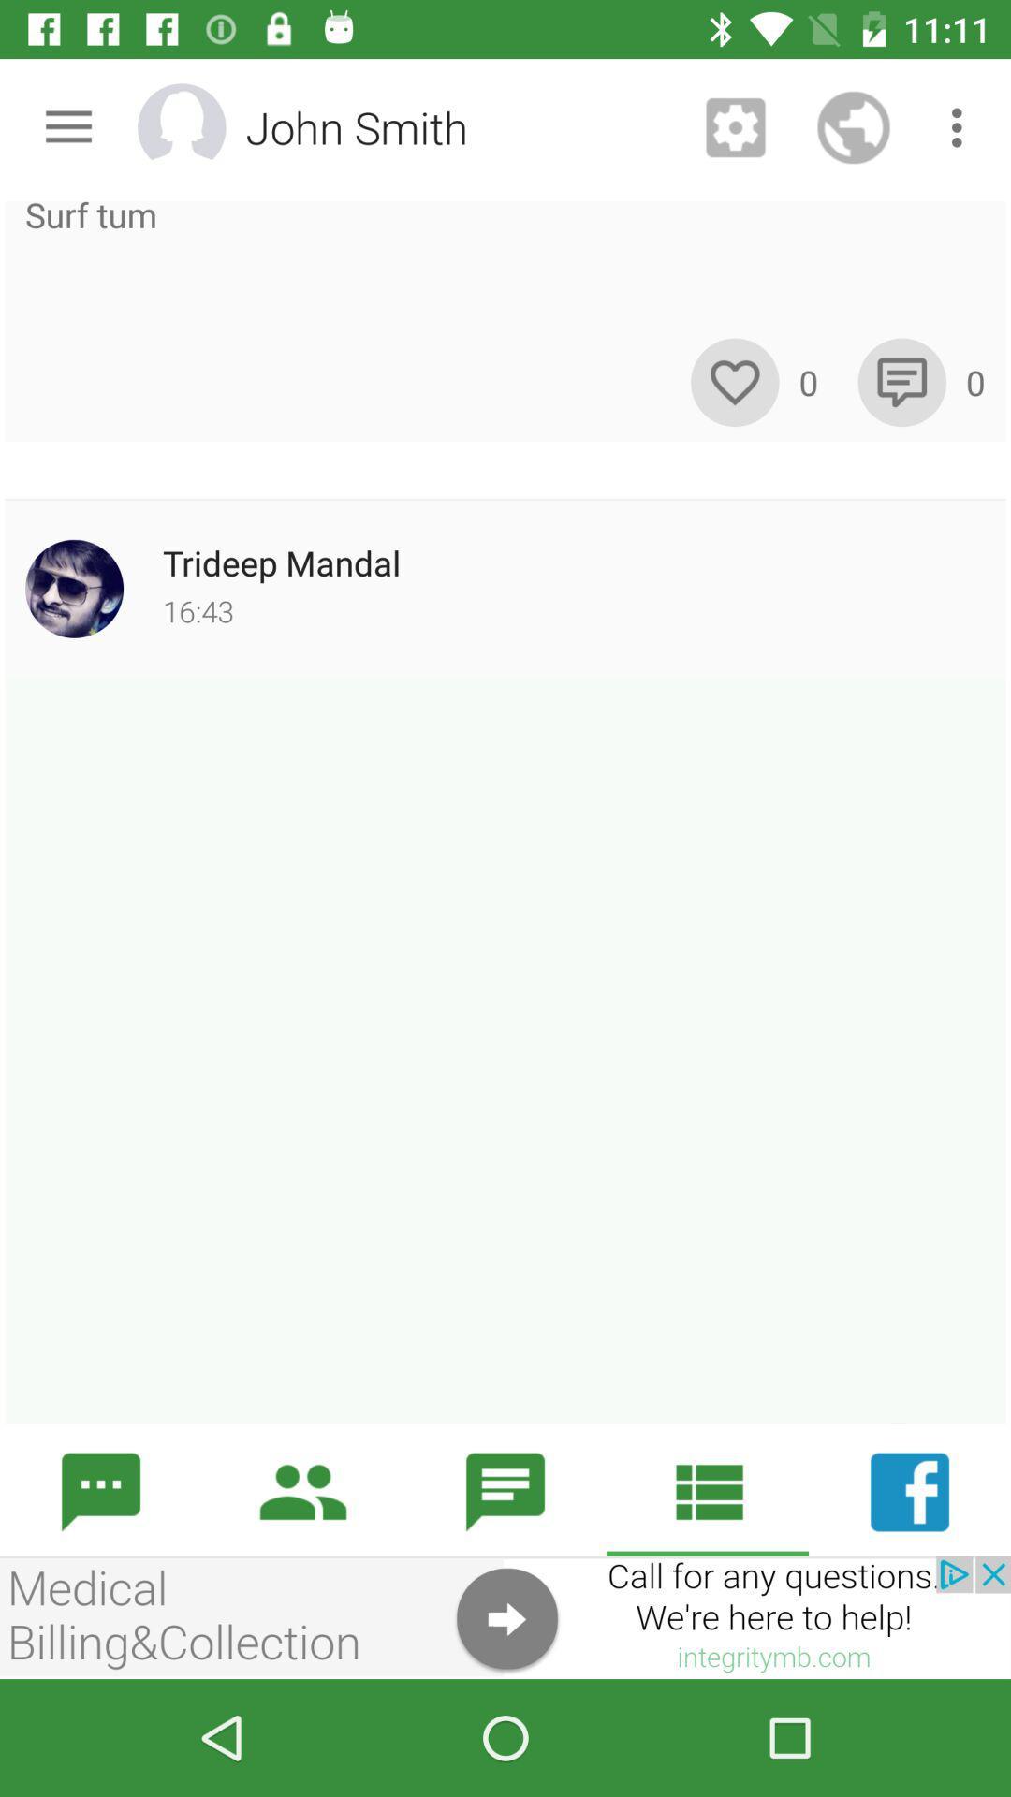 Image resolution: width=1011 pixels, height=1797 pixels. I want to click on make a comment, so click(901, 381).